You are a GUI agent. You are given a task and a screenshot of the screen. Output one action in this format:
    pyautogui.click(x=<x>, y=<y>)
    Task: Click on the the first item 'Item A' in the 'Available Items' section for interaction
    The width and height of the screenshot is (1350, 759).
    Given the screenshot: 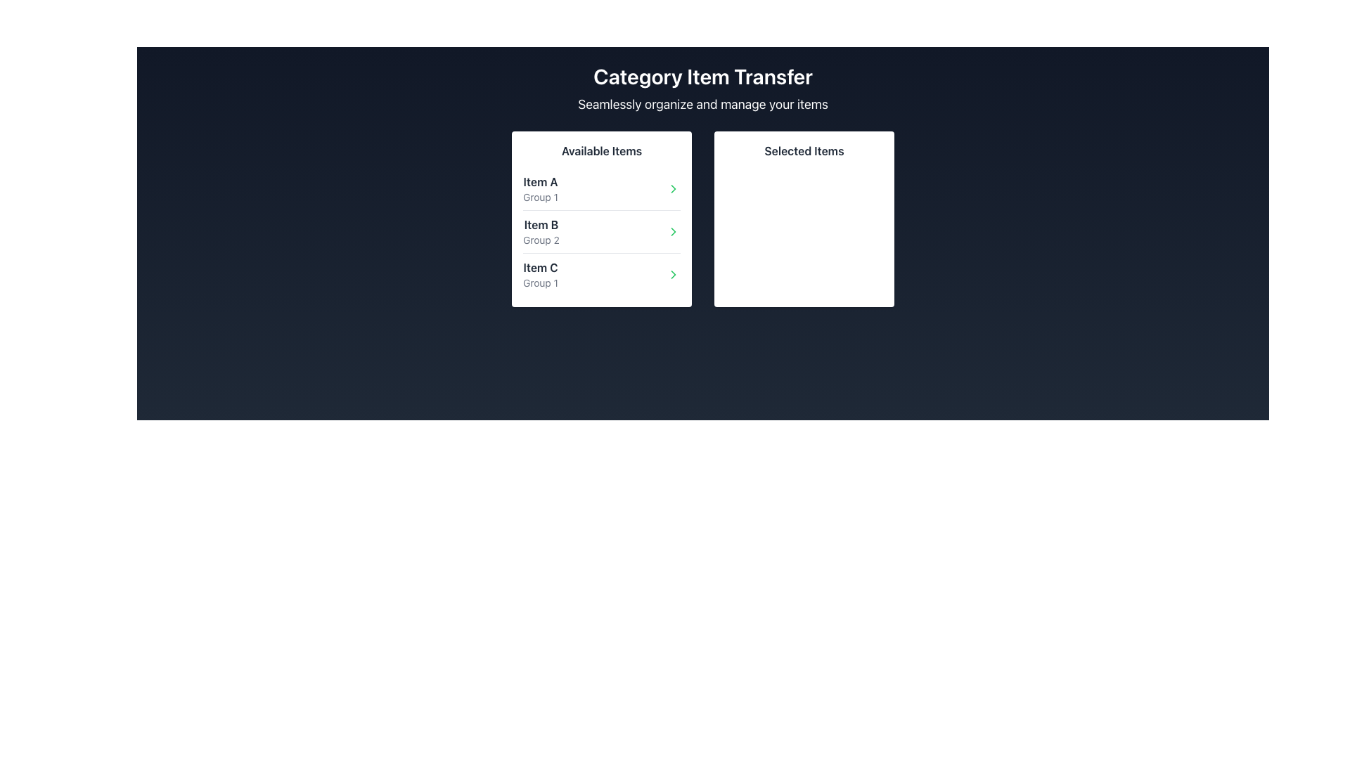 What is the action you would take?
    pyautogui.click(x=539, y=188)
    